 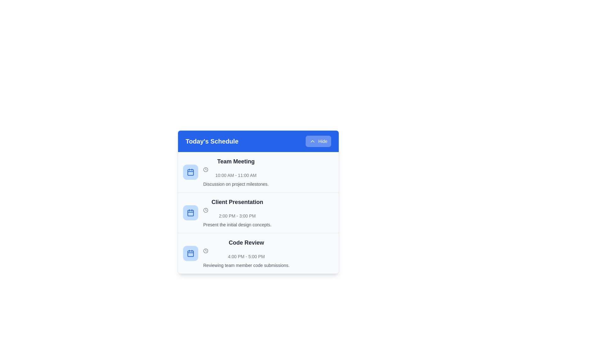 I want to click on event title from the scheduled event information displayed in the second item of the 'Today's Schedule' panel, located between 'Team Meeting' and 'Code Review', so click(x=237, y=212).